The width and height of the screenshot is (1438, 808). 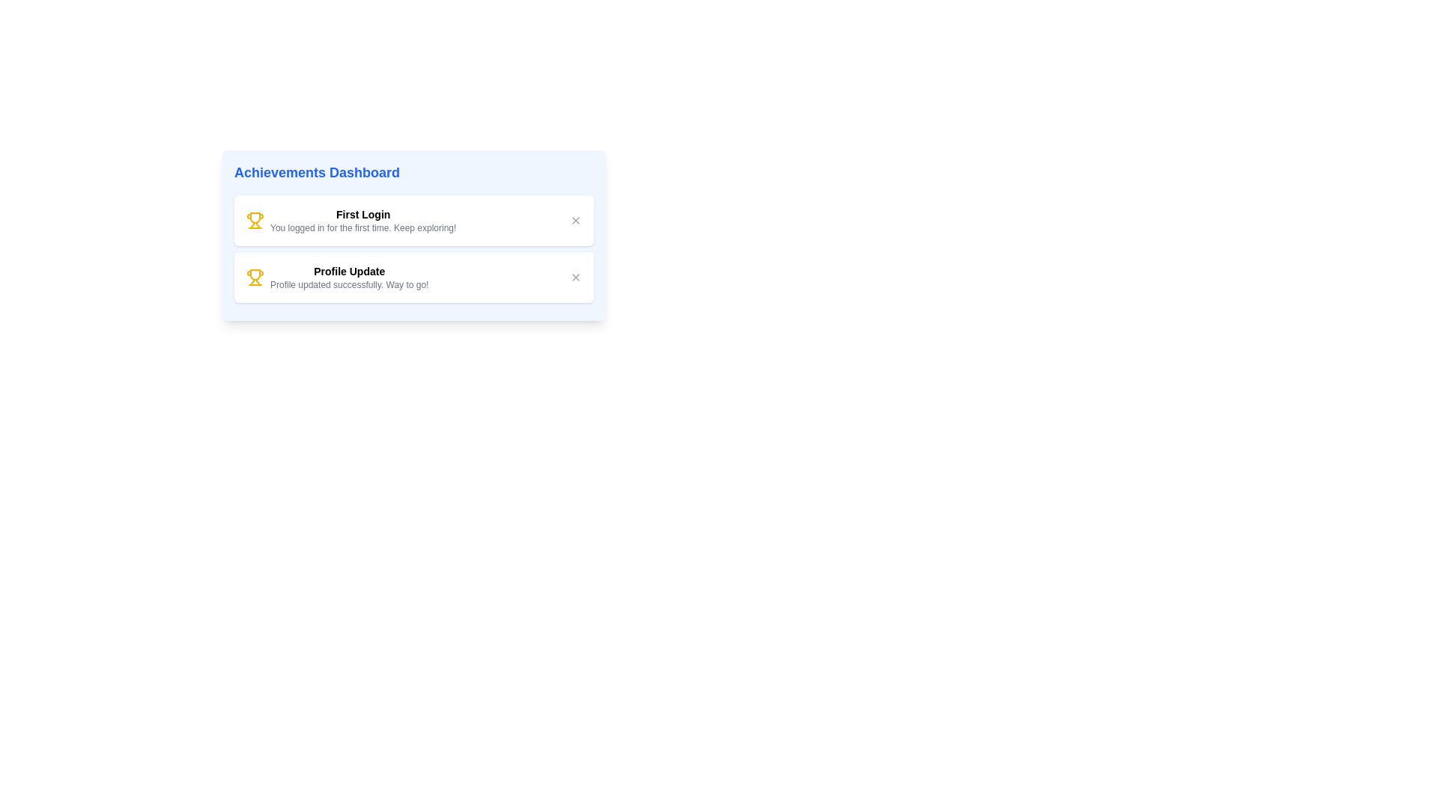 What do you see at coordinates (363, 227) in the screenshot?
I see `descriptive text block located under the bold title 'First Login', which states: 'You logged in for the first time. Keep exploring!'` at bounding box center [363, 227].